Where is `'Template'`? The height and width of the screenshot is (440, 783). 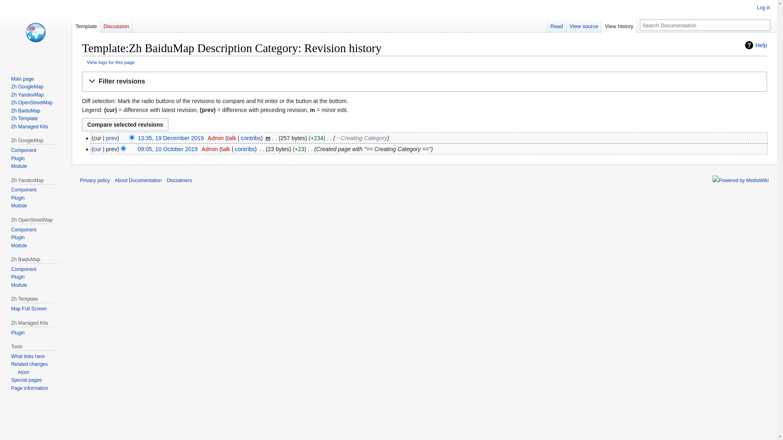 'Template' is located at coordinates (86, 24).